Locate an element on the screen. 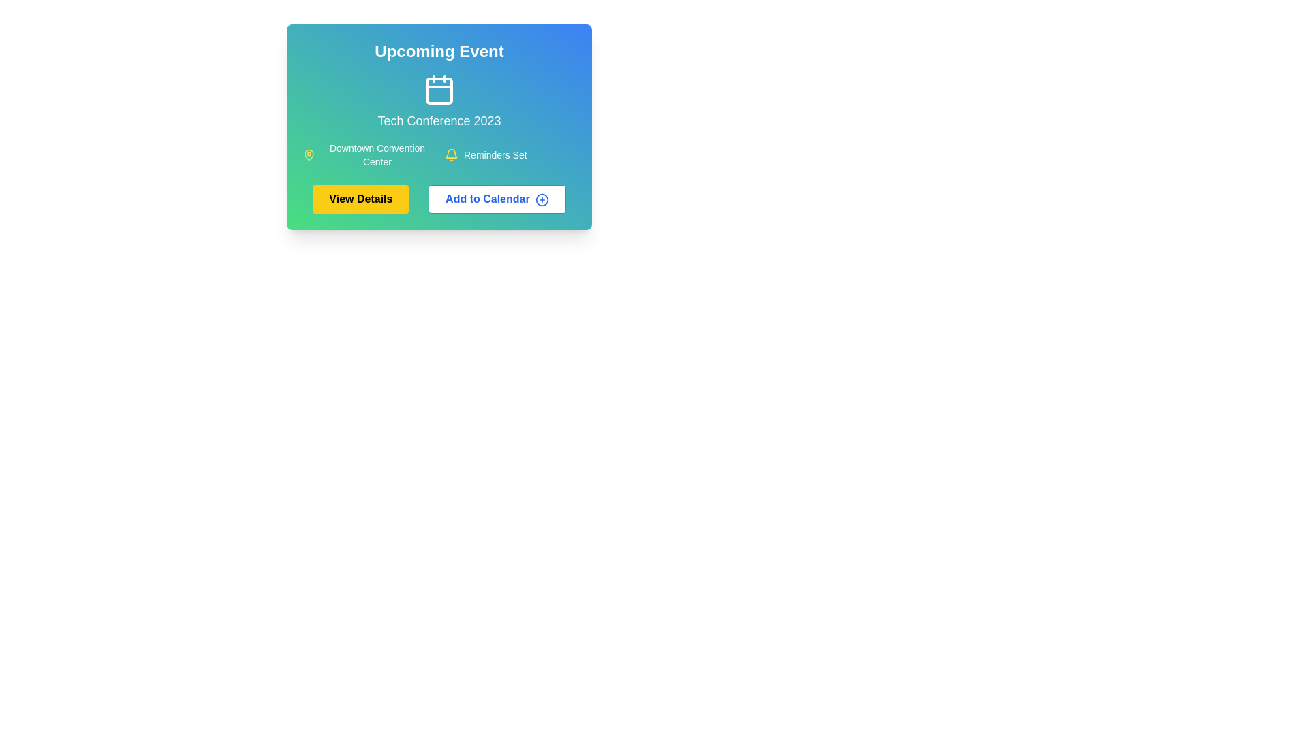 This screenshot has width=1308, height=735. the 'Add to Calendar' button, which is a blue-bordered button with rounded corners and a plus icon is located at coordinates (496, 199).